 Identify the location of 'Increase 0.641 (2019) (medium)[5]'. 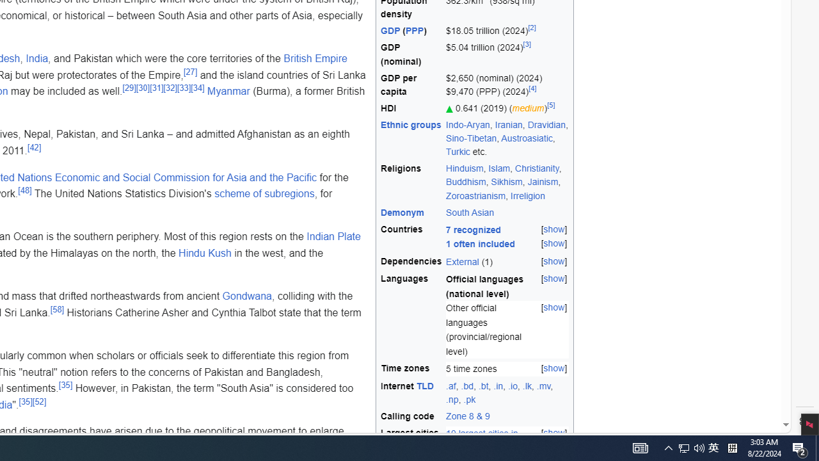
(507, 107).